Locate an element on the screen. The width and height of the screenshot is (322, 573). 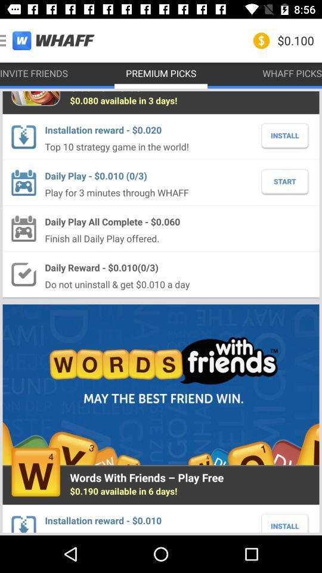
the invite friends item is located at coordinates (34, 72).